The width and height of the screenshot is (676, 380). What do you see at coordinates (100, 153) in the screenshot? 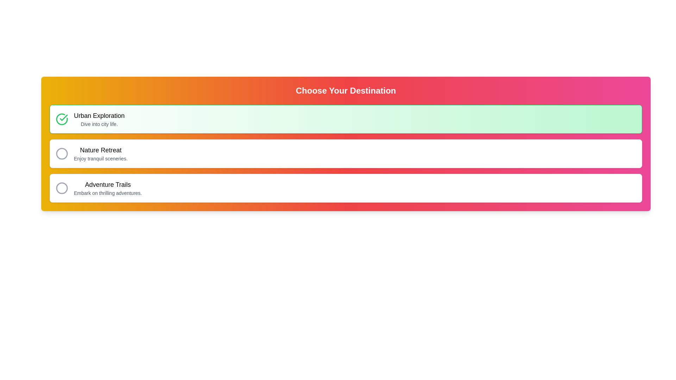
I see `text label with the title 'Nature Retreat' and description 'Enjoy tranquil sceneries.' which is positioned centrally in the middle of a vertical list of options` at bounding box center [100, 153].